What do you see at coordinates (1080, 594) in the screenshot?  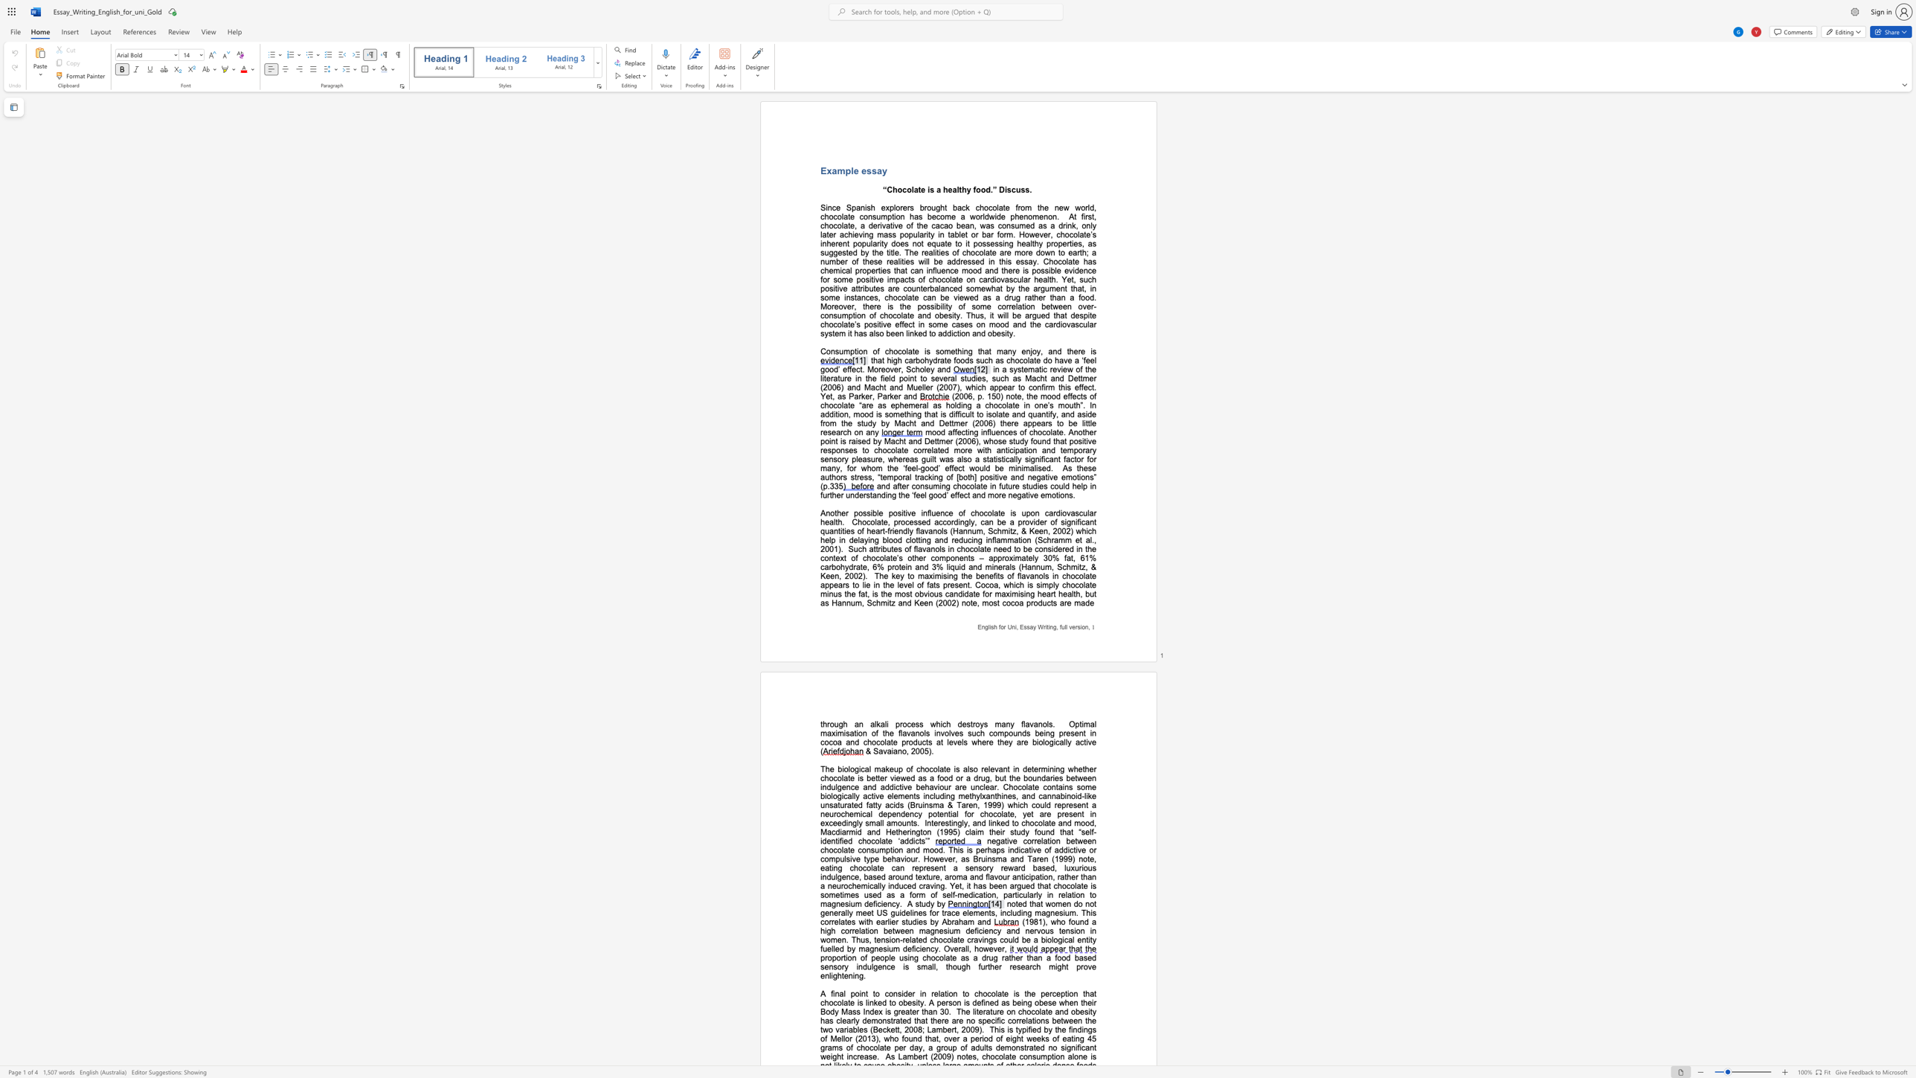 I see `the subset text ", but as" within the text "The key to maximising the benefits of flavanols in chocolate appears to lie in the level of fats present. Cocoa, which is simply chocolate minus the fat, is the most obvious candidate for maximising heart health, but as Hannum, Schmitz and Keen (2002) note, most cocoa products are made"` at bounding box center [1080, 594].